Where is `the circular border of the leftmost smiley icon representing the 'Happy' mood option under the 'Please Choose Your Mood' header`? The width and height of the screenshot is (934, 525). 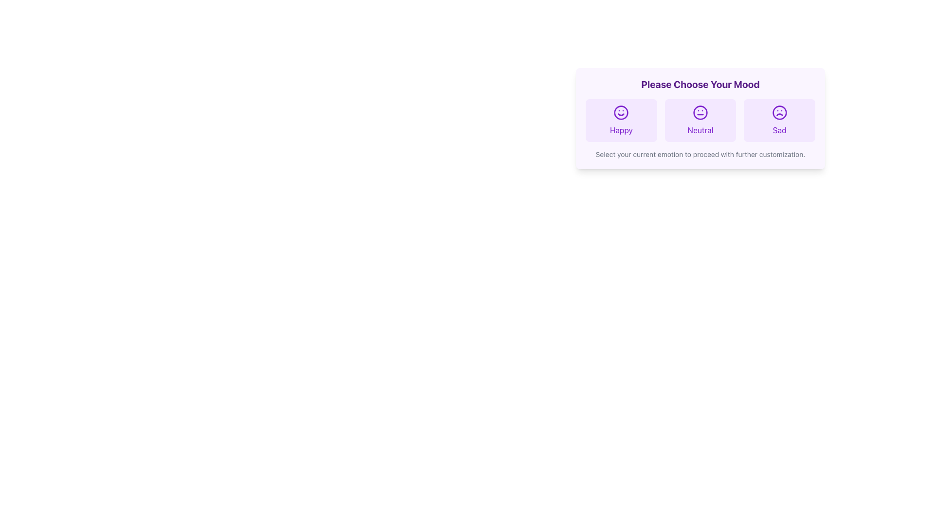
the circular border of the leftmost smiley icon representing the 'Happy' mood option under the 'Please Choose Your Mood' header is located at coordinates (621, 112).